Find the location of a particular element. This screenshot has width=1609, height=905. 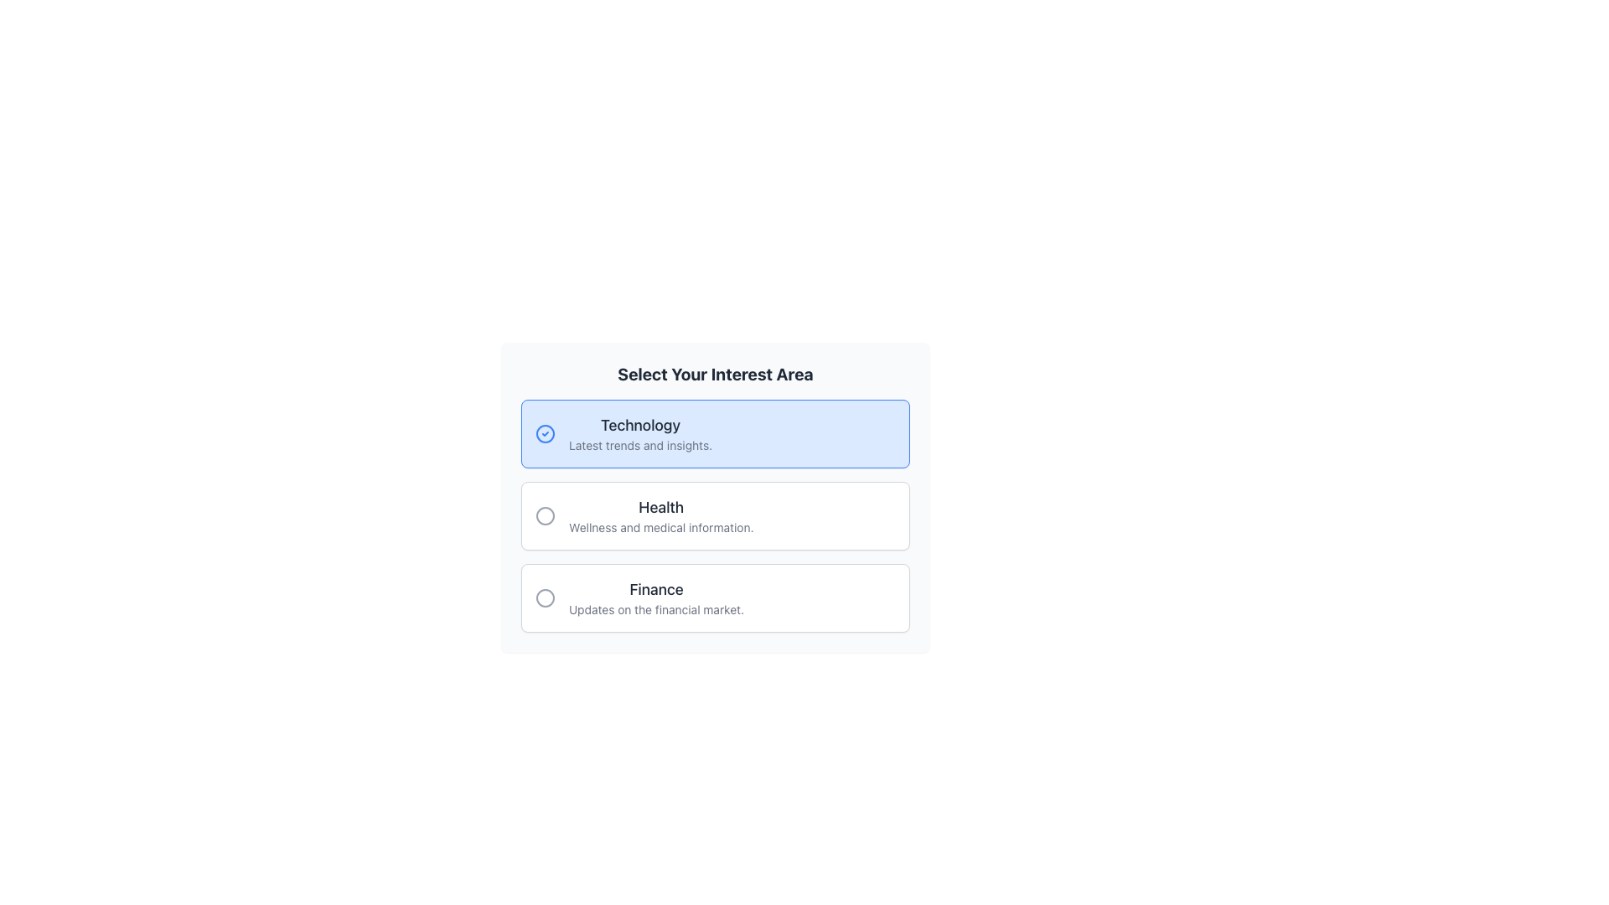

text element displaying 'Latest trends and insights.' which is located directly beneath the 'Technology' heading in the Technology interest section is located at coordinates (639, 445).